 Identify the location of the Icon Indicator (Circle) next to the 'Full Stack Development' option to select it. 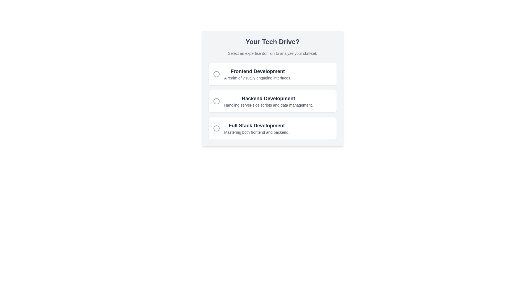
(216, 128).